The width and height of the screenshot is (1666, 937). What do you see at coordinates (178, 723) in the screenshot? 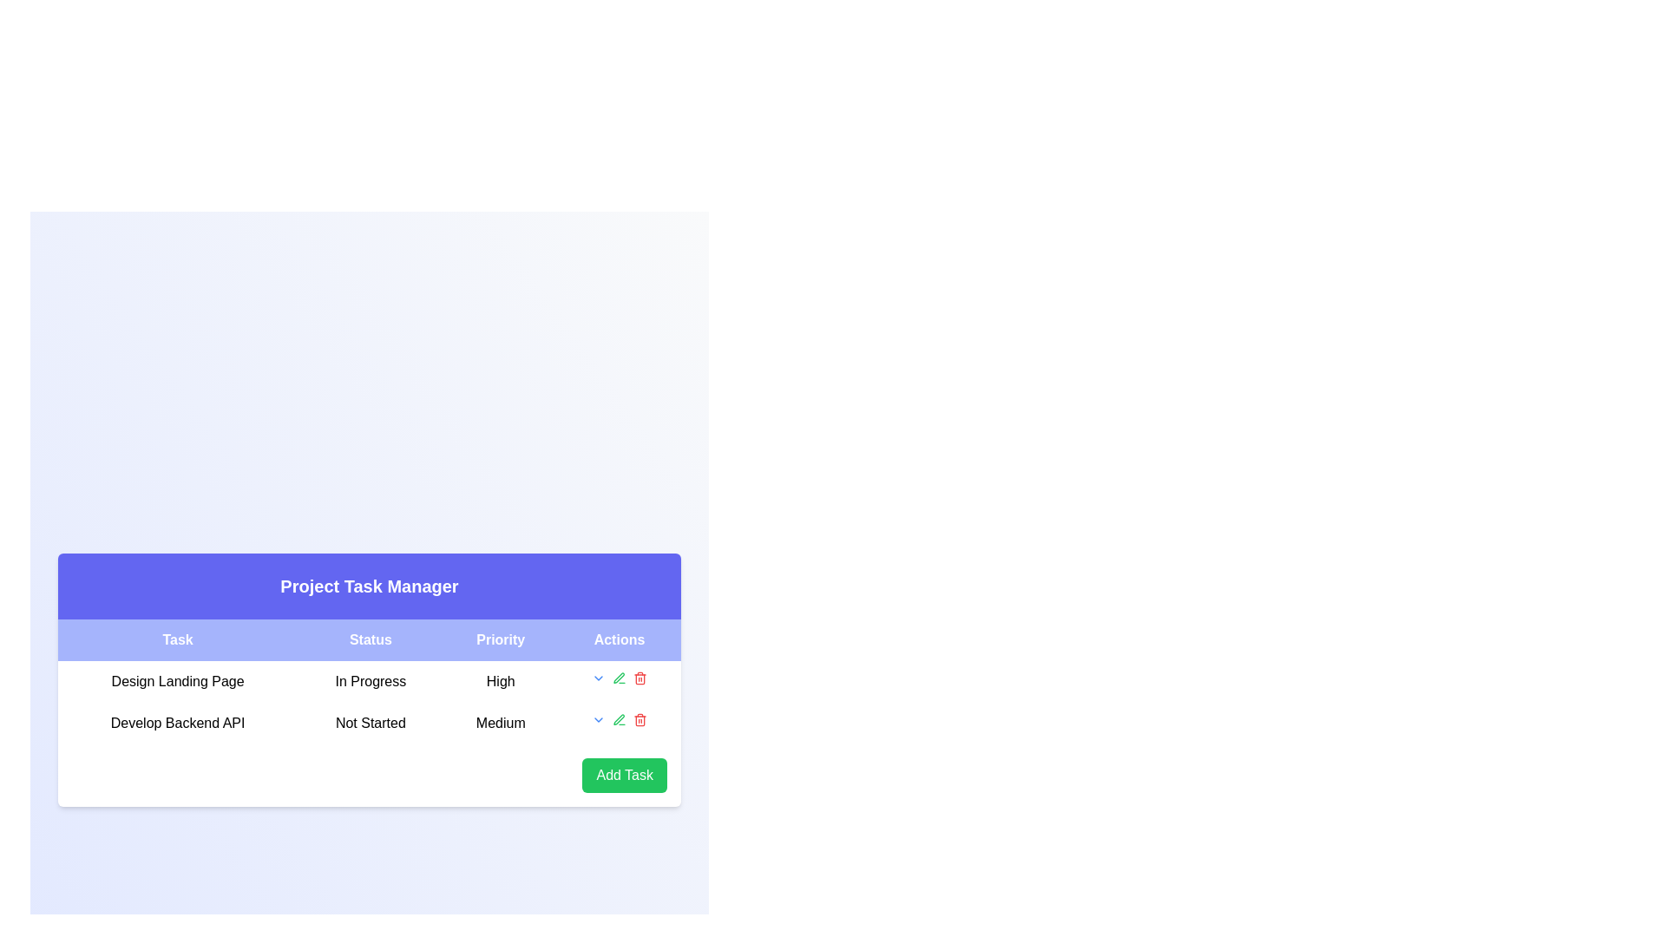
I see `the label that informs the user about the task labeled 'Develop Backend API', located in the first column of the second row in the table structure below the 'Project Task Manager' heading` at bounding box center [178, 723].